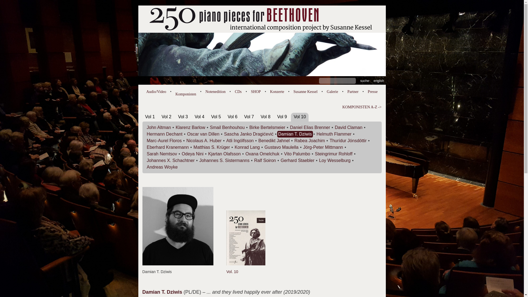 This screenshot has width=528, height=297. I want to click on 'Komponisten', so click(175, 93).